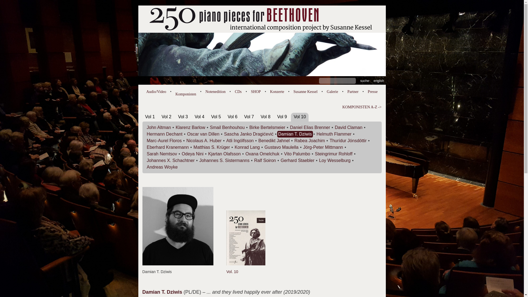 This screenshot has width=528, height=297. I want to click on 'Komponisten', so click(175, 93).